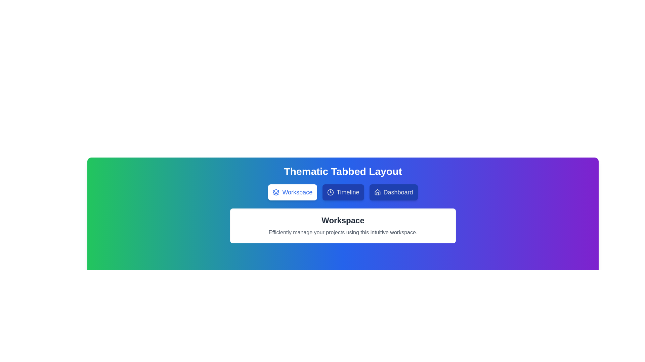  What do you see at coordinates (276, 192) in the screenshot?
I see `the blue stack icon located on the left side of the 'Workspace' button in the top navigation area` at bounding box center [276, 192].